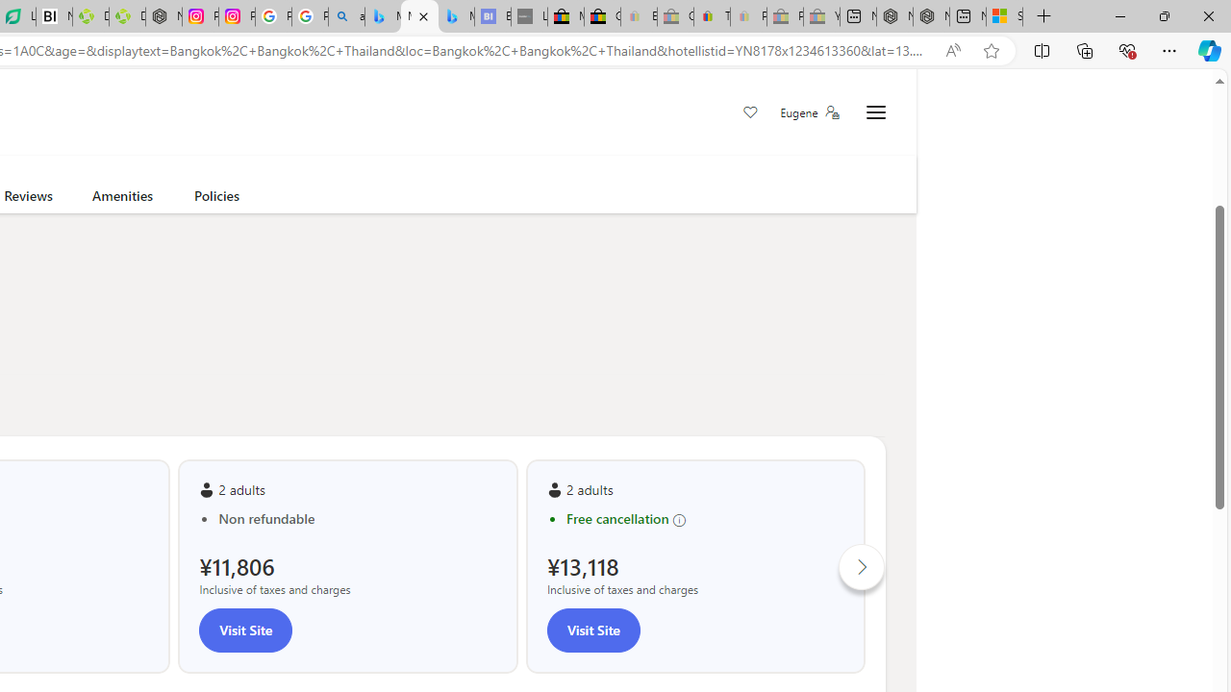 This screenshot has height=692, width=1231. What do you see at coordinates (121, 199) in the screenshot?
I see `'Amenities'` at bounding box center [121, 199].